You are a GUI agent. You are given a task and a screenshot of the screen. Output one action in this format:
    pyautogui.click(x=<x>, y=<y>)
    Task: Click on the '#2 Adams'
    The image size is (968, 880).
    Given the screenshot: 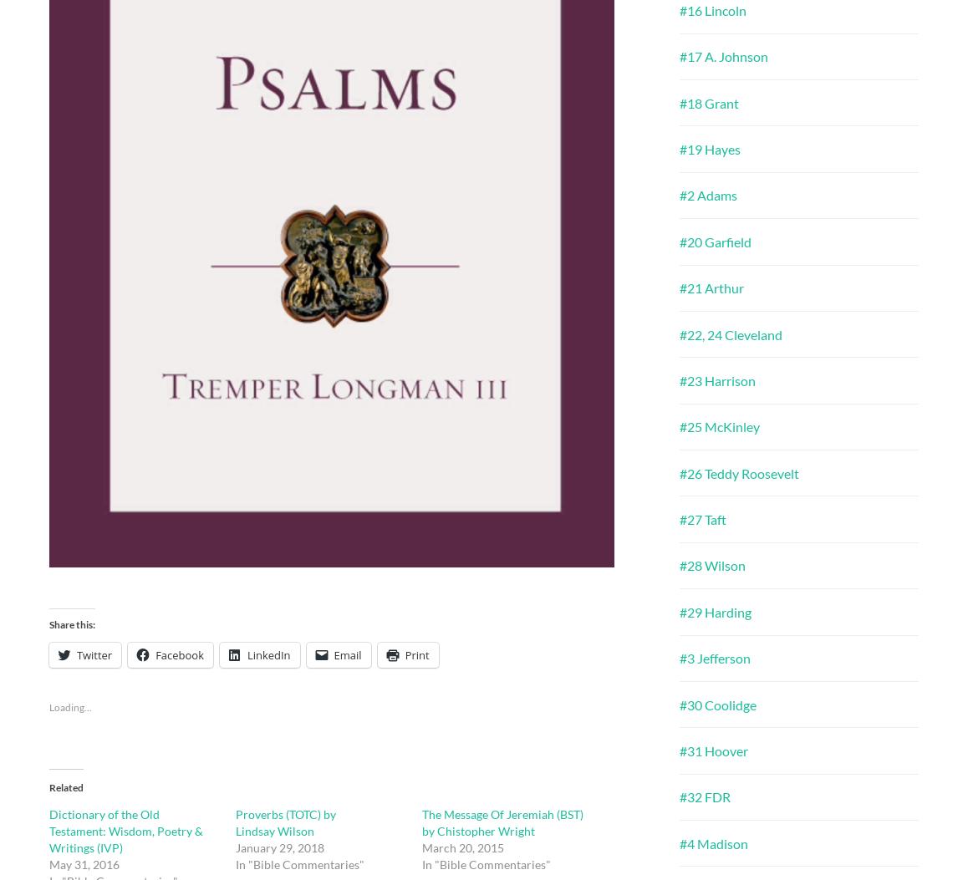 What is the action you would take?
    pyautogui.click(x=679, y=195)
    